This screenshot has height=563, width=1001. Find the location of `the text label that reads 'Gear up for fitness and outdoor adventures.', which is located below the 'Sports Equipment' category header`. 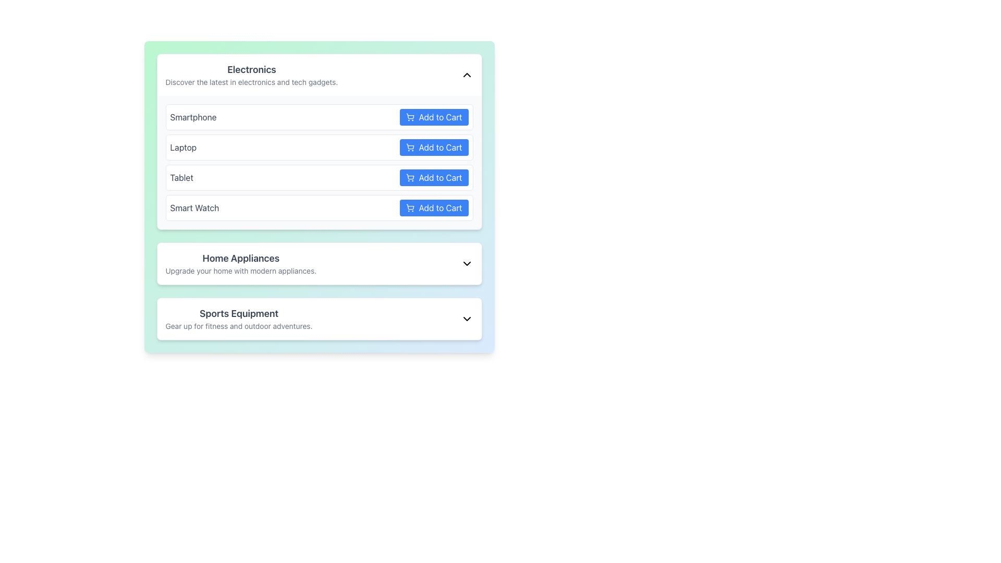

the text label that reads 'Gear up for fitness and outdoor adventures.', which is located below the 'Sports Equipment' category header is located at coordinates (238, 325).